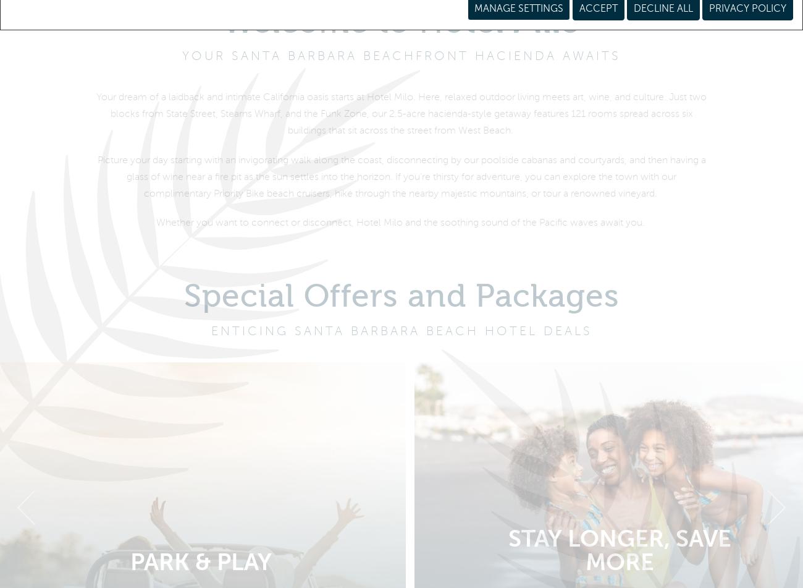  I want to click on 'Welcome to Hotel Milo', so click(401, 30).